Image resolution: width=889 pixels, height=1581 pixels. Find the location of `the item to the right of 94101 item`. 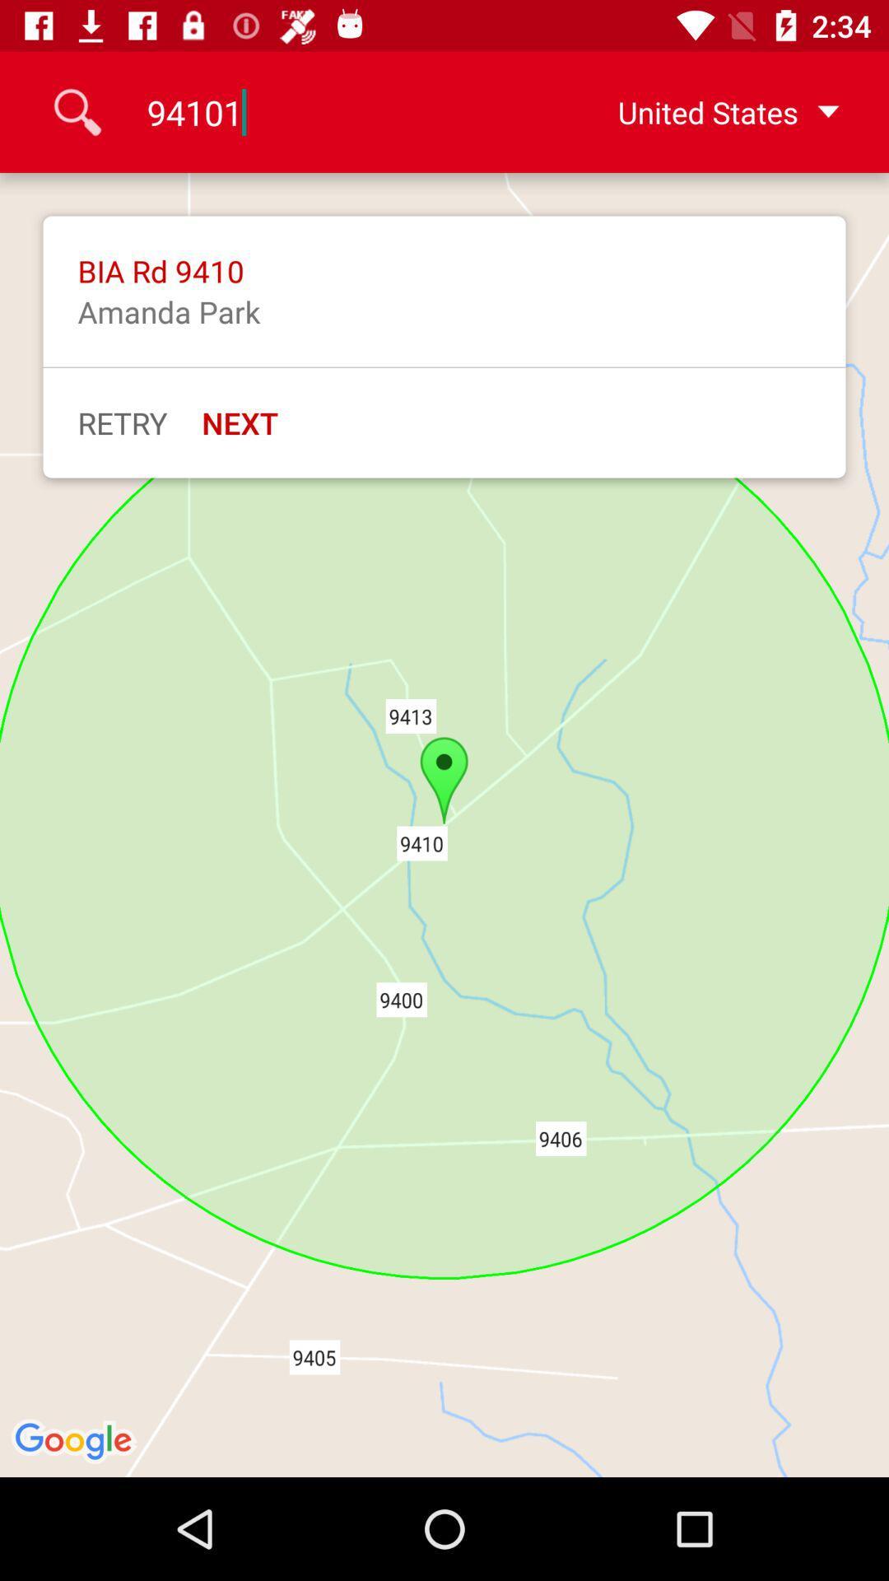

the item to the right of 94101 item is located at coordinates (702, 111).